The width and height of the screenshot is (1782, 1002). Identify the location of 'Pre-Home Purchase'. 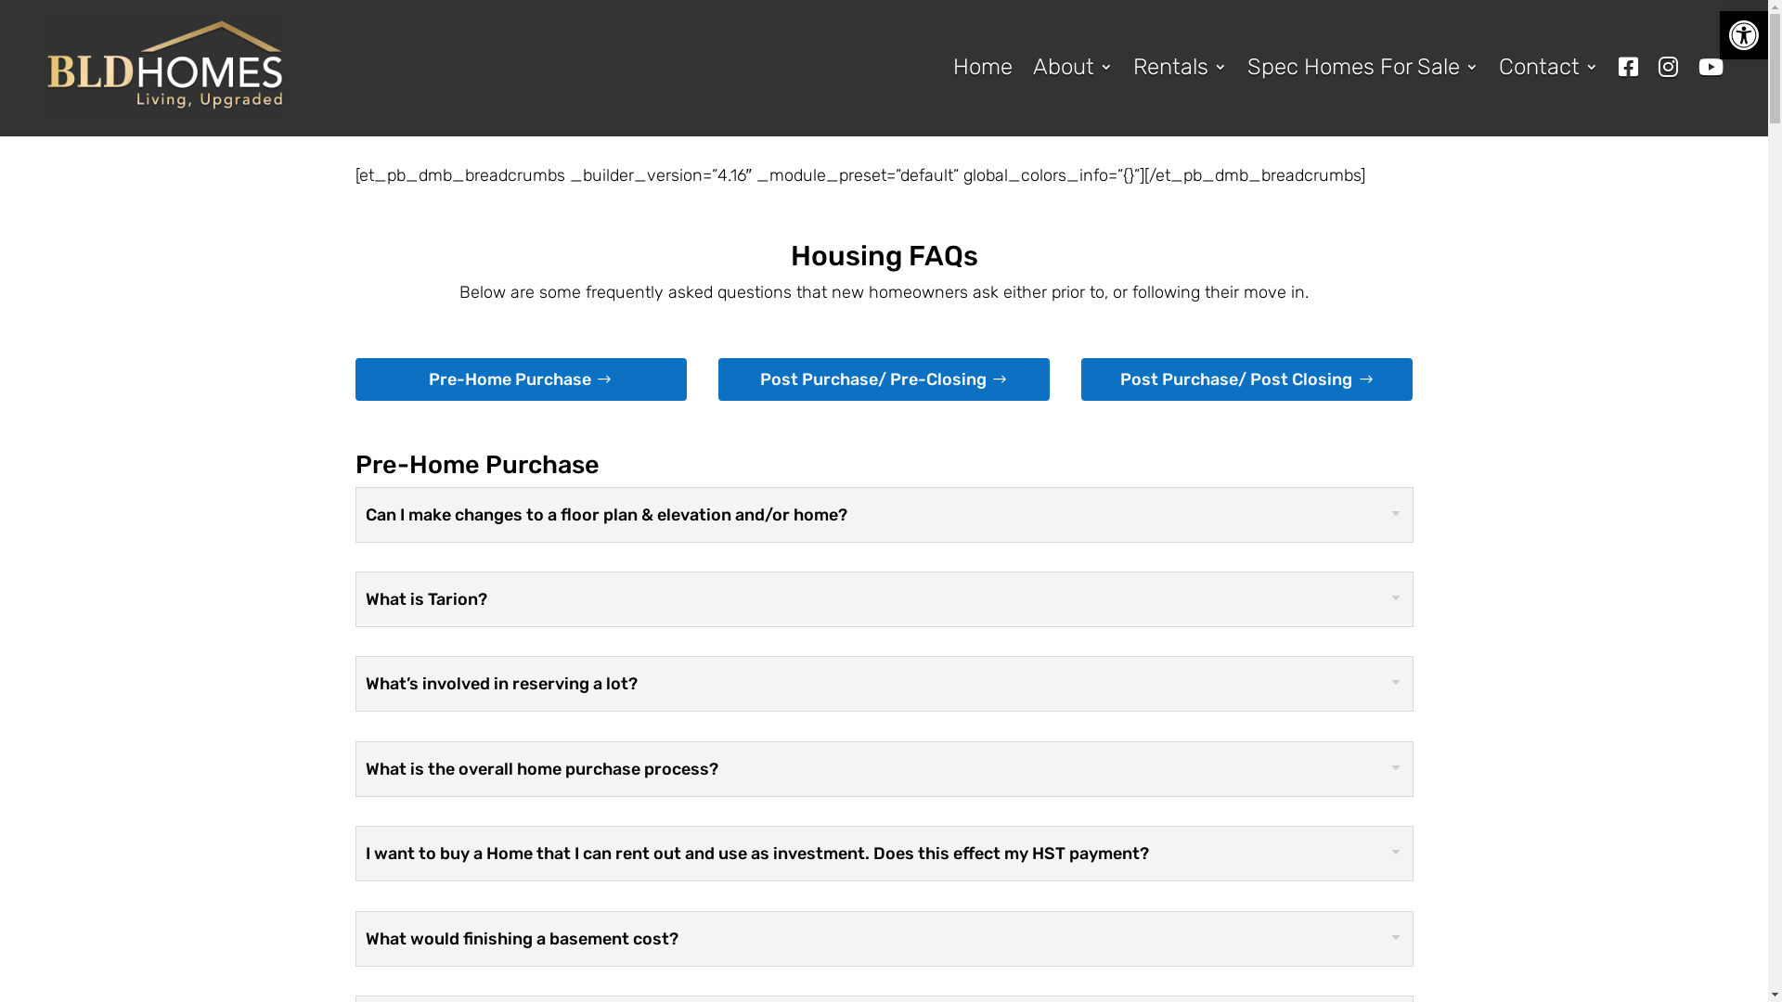
(520, 378).